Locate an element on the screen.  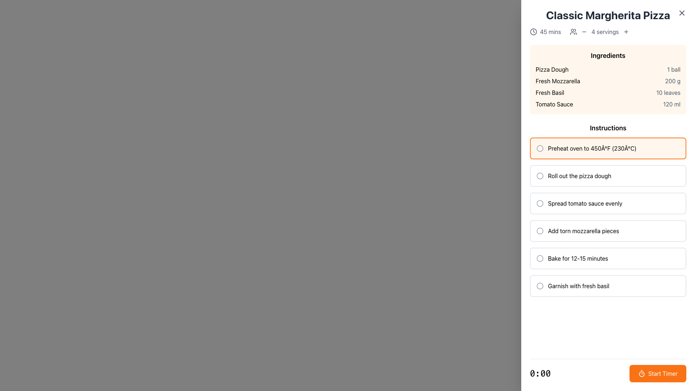
the user group icon, which consists of two human figures outlined in a uniform stroke, located near the top center of the panel next to the text '4 servings' is located at coordinates (573, 31).